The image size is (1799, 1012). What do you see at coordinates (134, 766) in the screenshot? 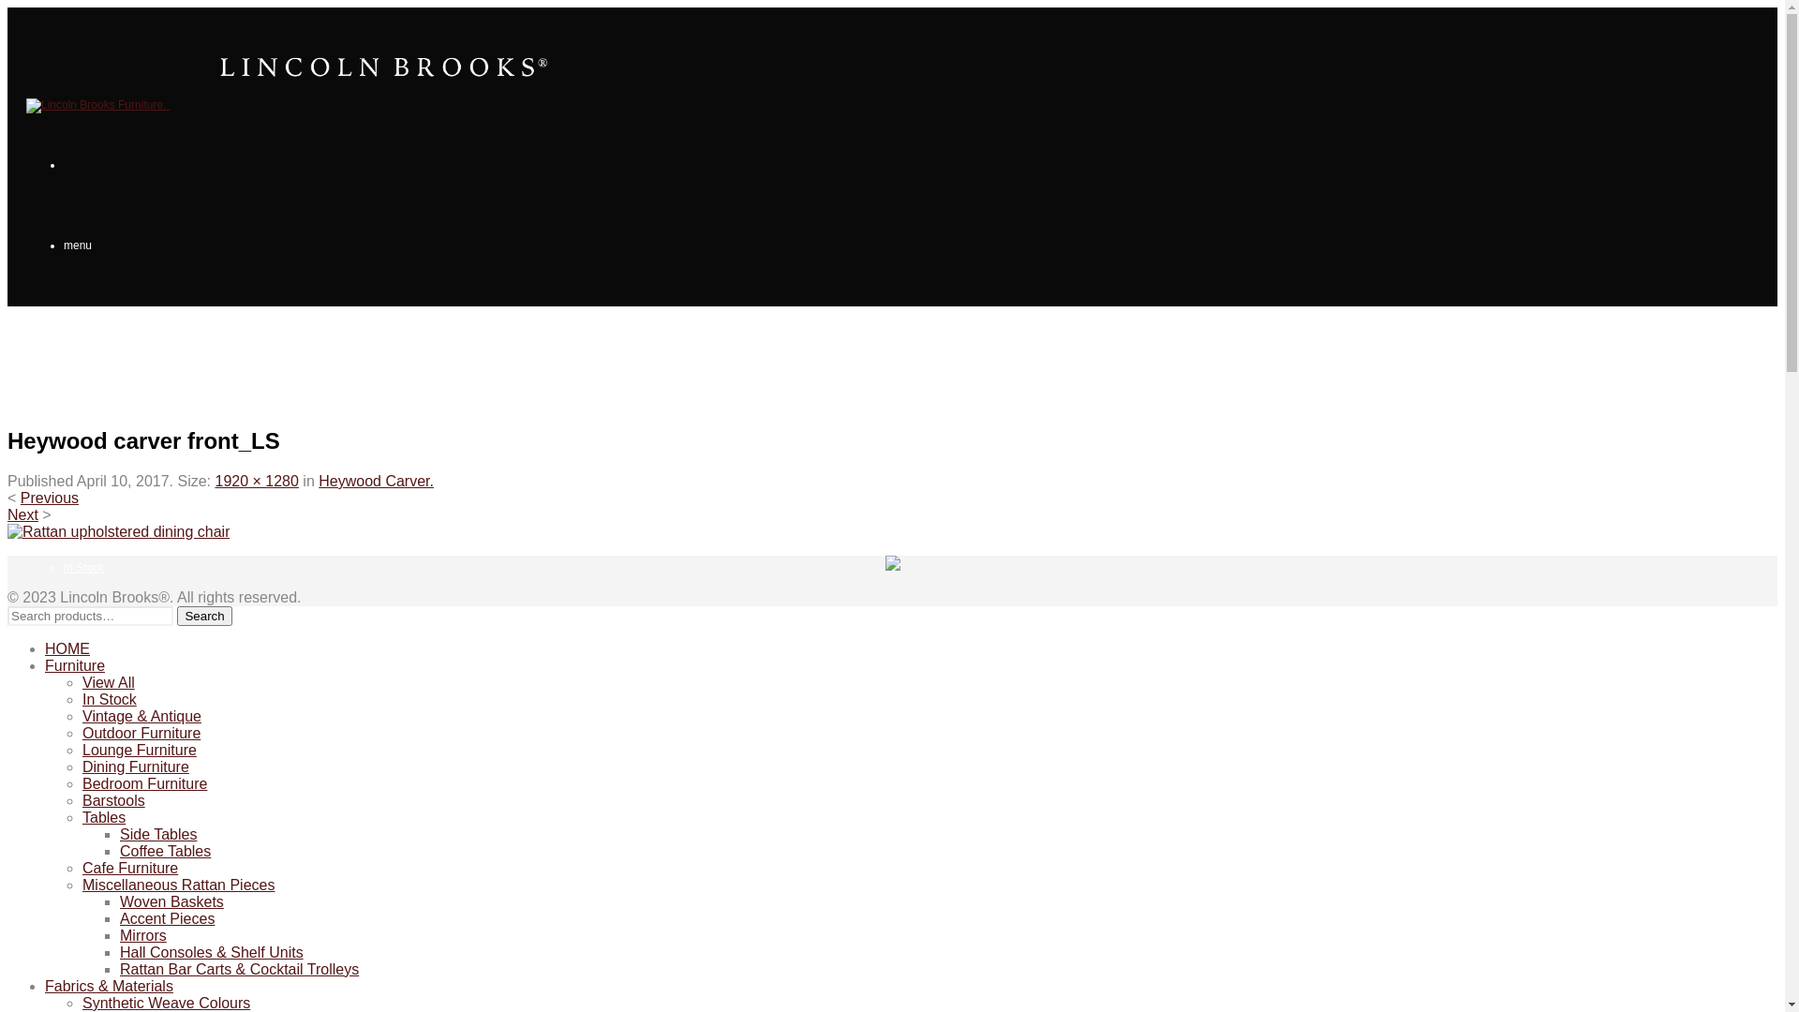
I see `'Dining Furniture'` at bounding box center [134, 766].